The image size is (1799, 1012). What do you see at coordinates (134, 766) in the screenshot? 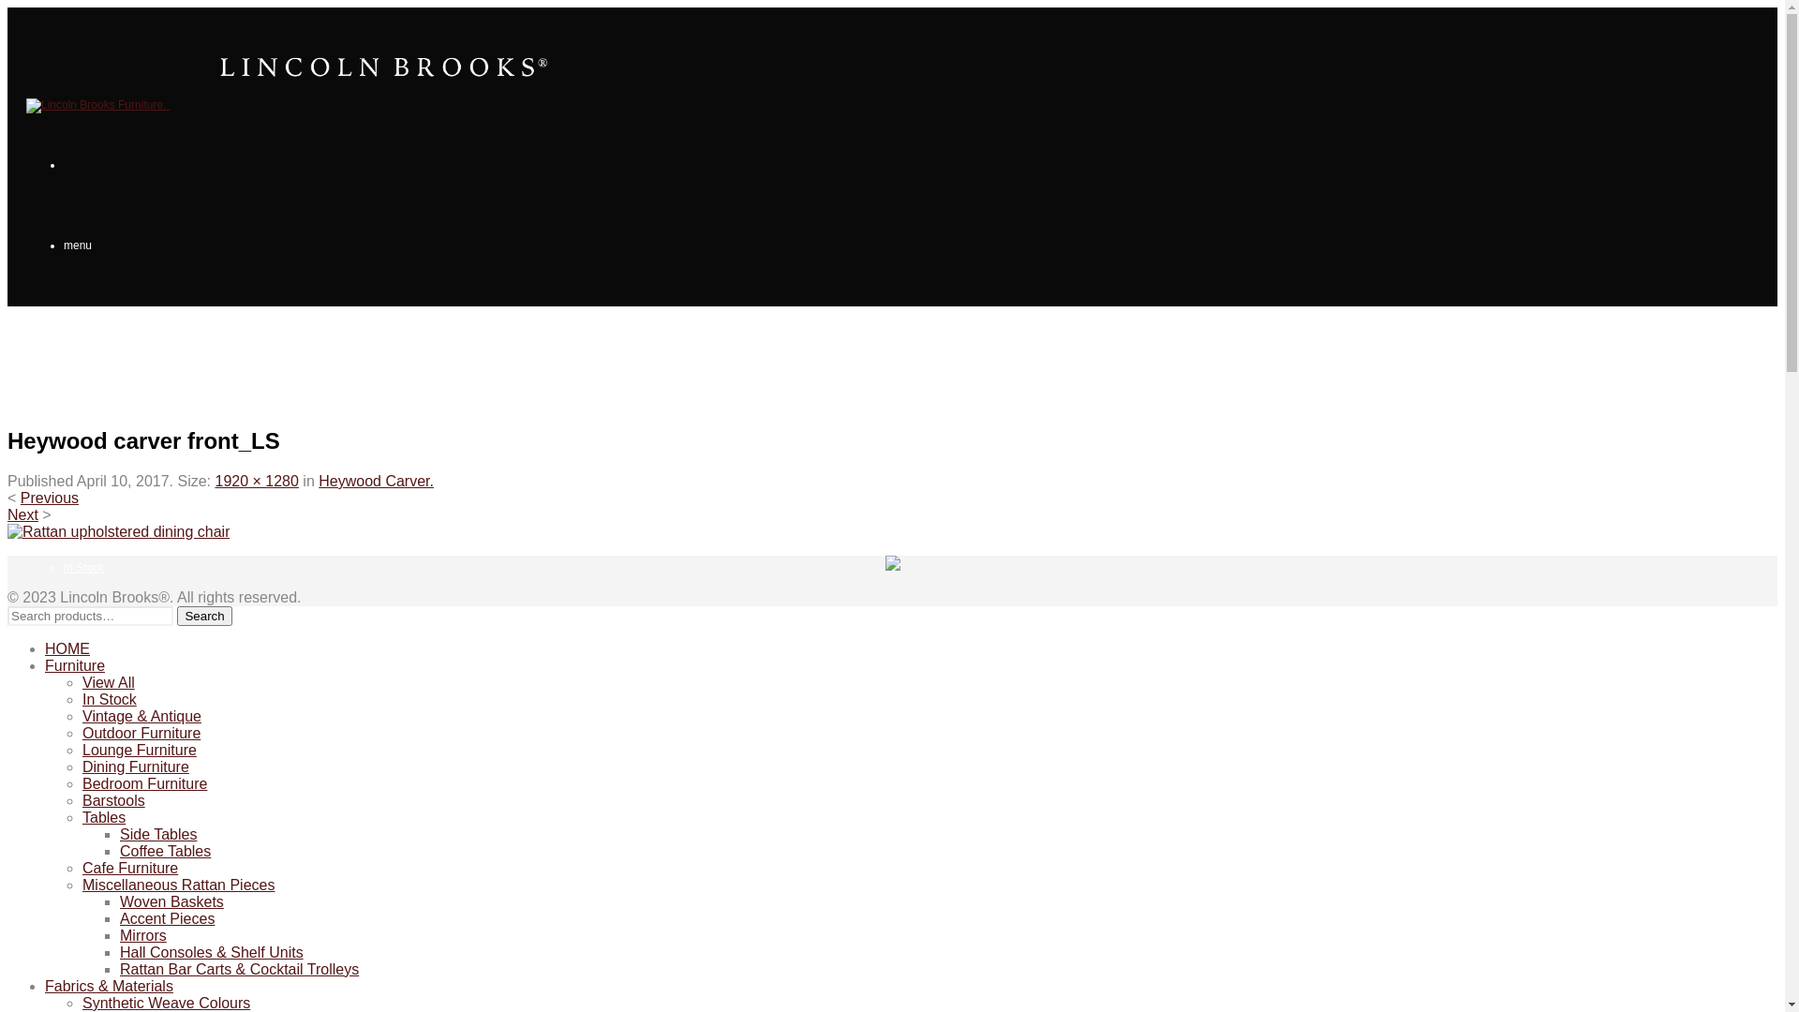
I see `'Dining Furniture'` at bounding box center [134, 766].